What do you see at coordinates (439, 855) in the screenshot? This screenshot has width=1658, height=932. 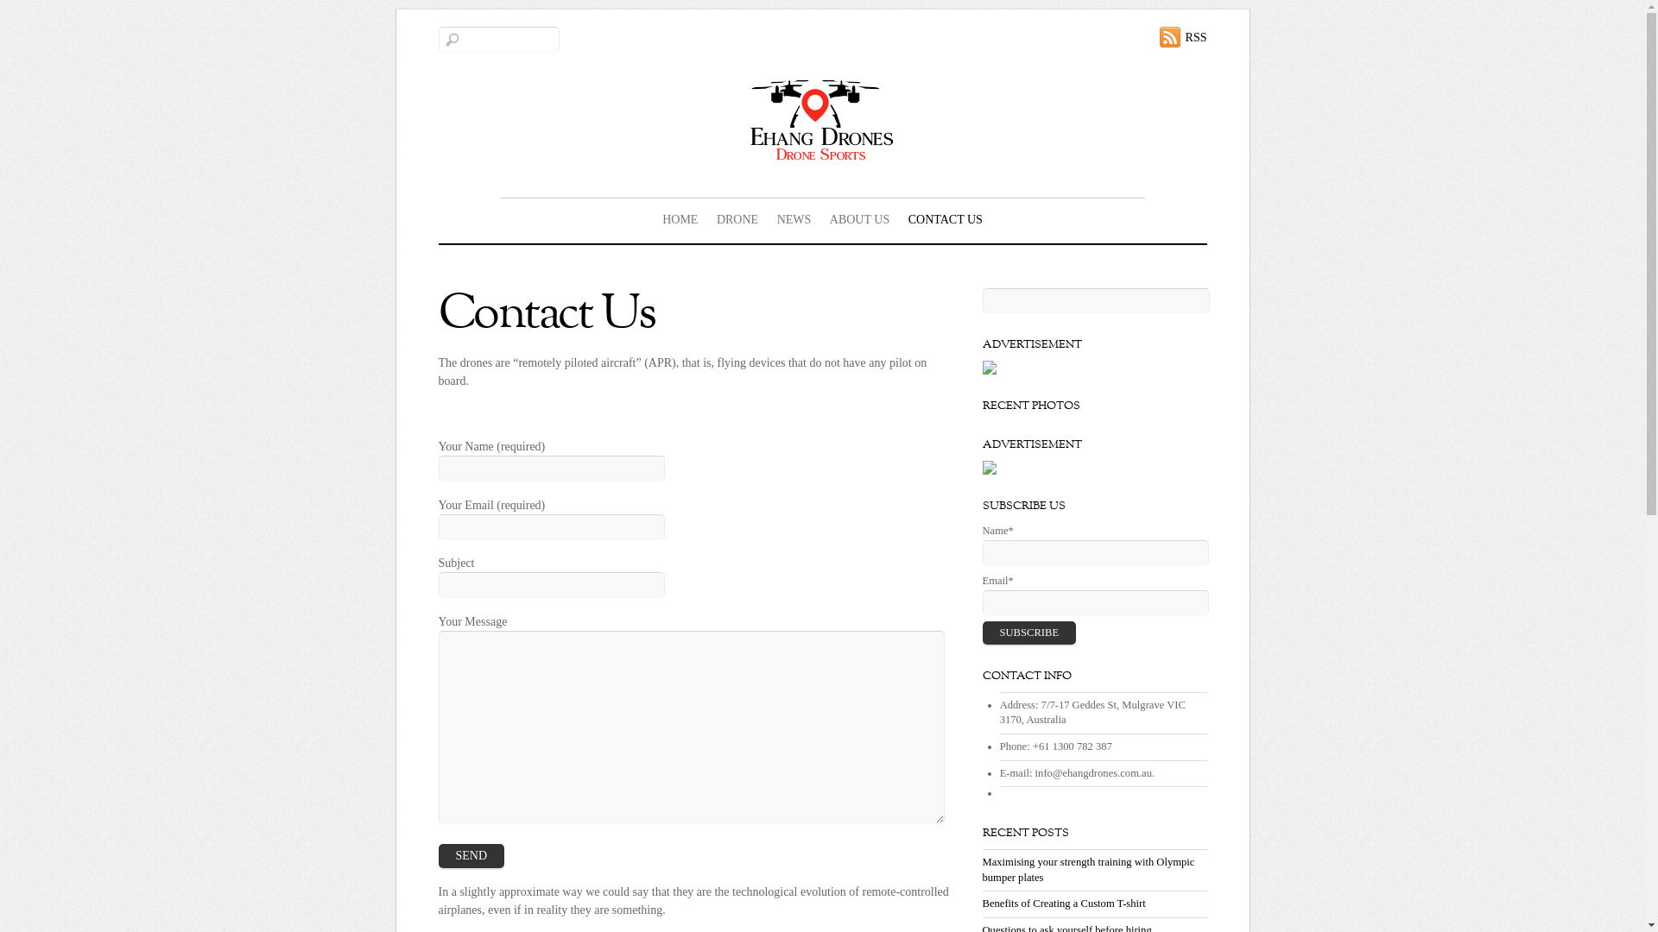 I see `'Send'` at bounding box center [439, 855].